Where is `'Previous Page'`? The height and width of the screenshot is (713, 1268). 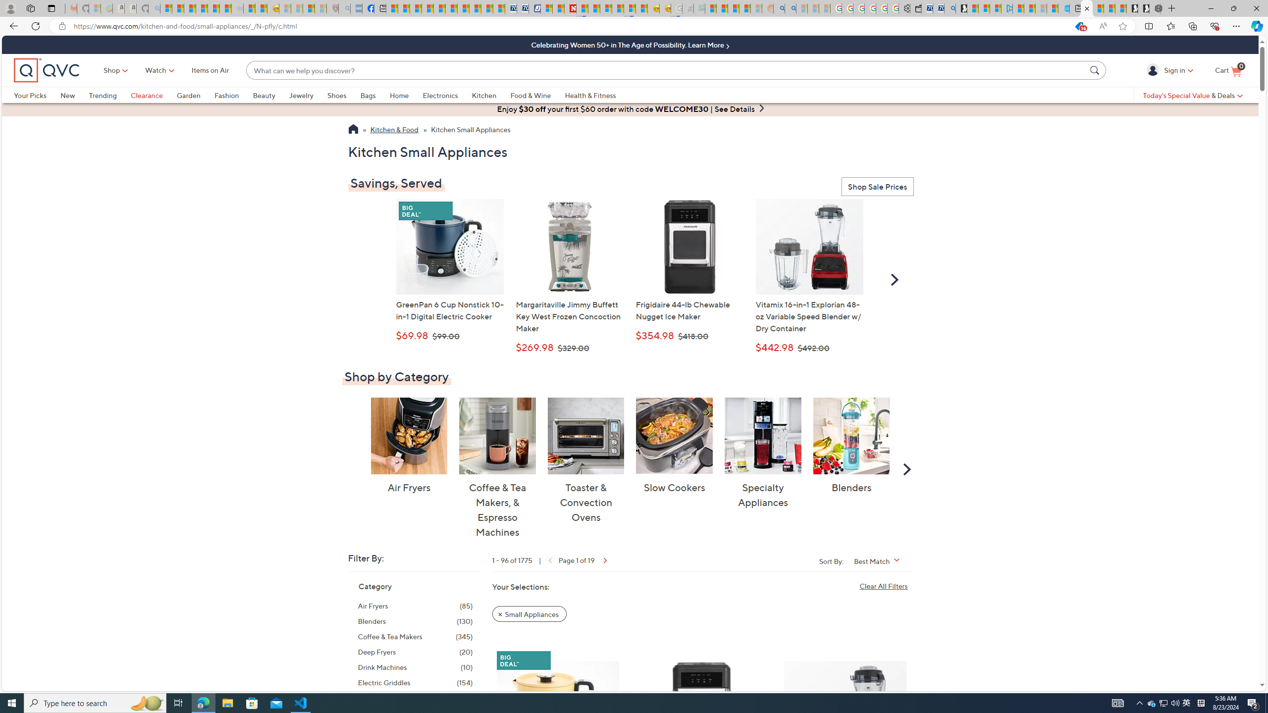 'Previous Page' is located at coordinates (549, 560).